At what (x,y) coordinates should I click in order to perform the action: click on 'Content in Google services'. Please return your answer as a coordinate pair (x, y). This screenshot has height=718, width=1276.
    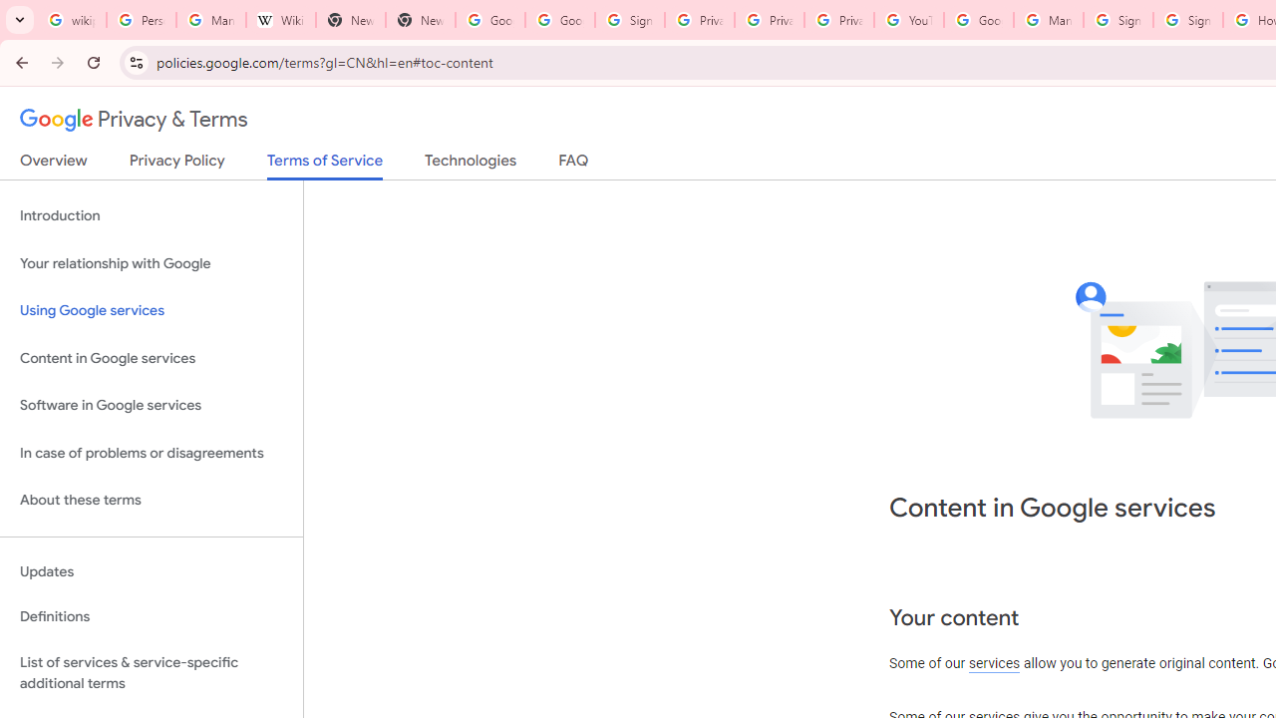
    Looking at the image, I should click on (151, 357).